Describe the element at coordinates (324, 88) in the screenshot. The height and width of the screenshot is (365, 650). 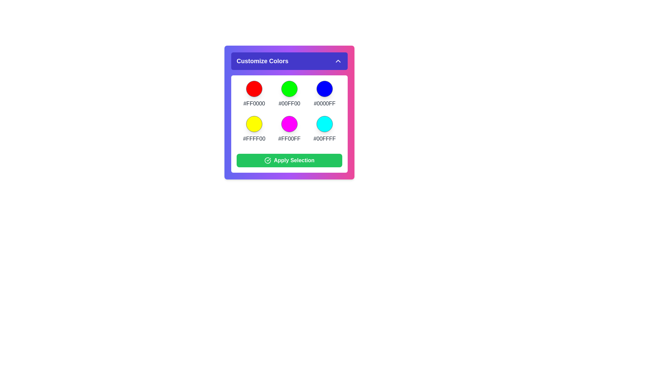
I see `the color #0000FF from the color palette` at that location.